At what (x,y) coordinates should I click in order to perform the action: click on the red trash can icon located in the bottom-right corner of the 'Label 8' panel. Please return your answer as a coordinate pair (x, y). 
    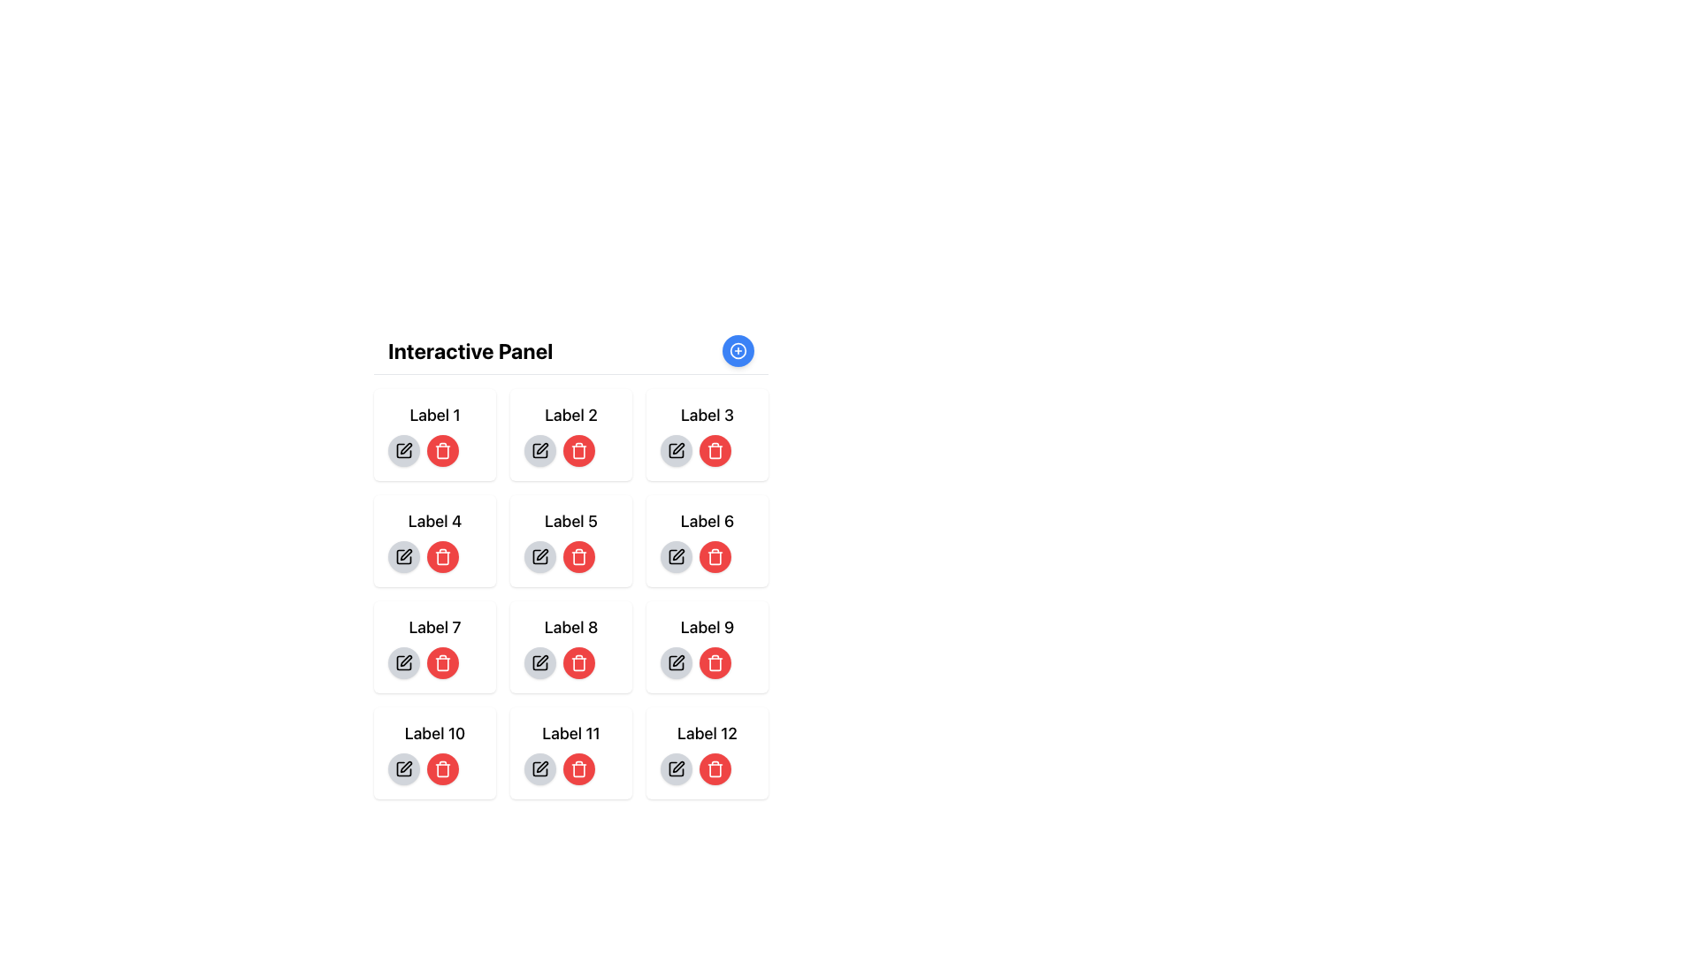
    Looking at the image, I should click on (715, 664).